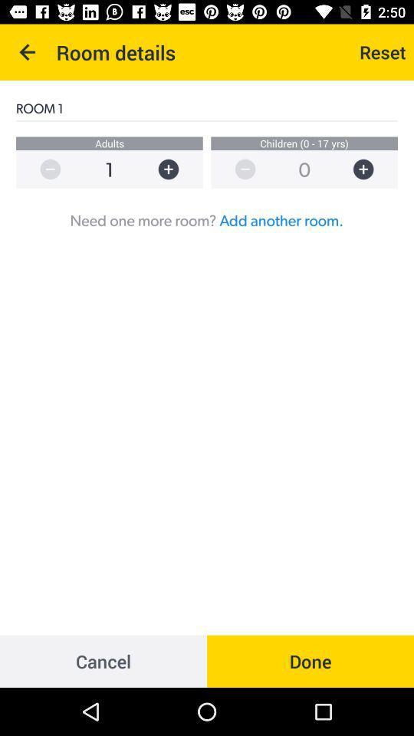  What do you see at coordinates (175, 169) in the screenshot?
I see `increase by 1` at bounding box center [175, 169].